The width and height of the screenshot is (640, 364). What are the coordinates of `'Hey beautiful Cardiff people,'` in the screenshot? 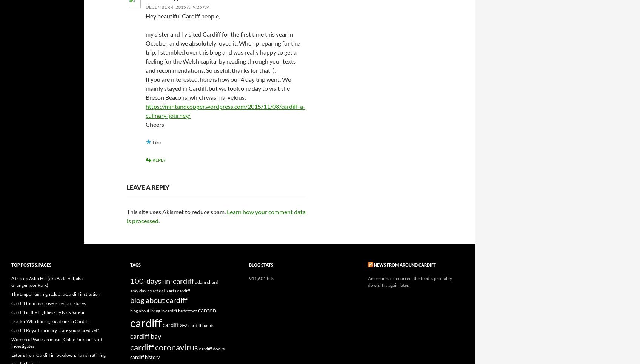 It's located at (183, 15).